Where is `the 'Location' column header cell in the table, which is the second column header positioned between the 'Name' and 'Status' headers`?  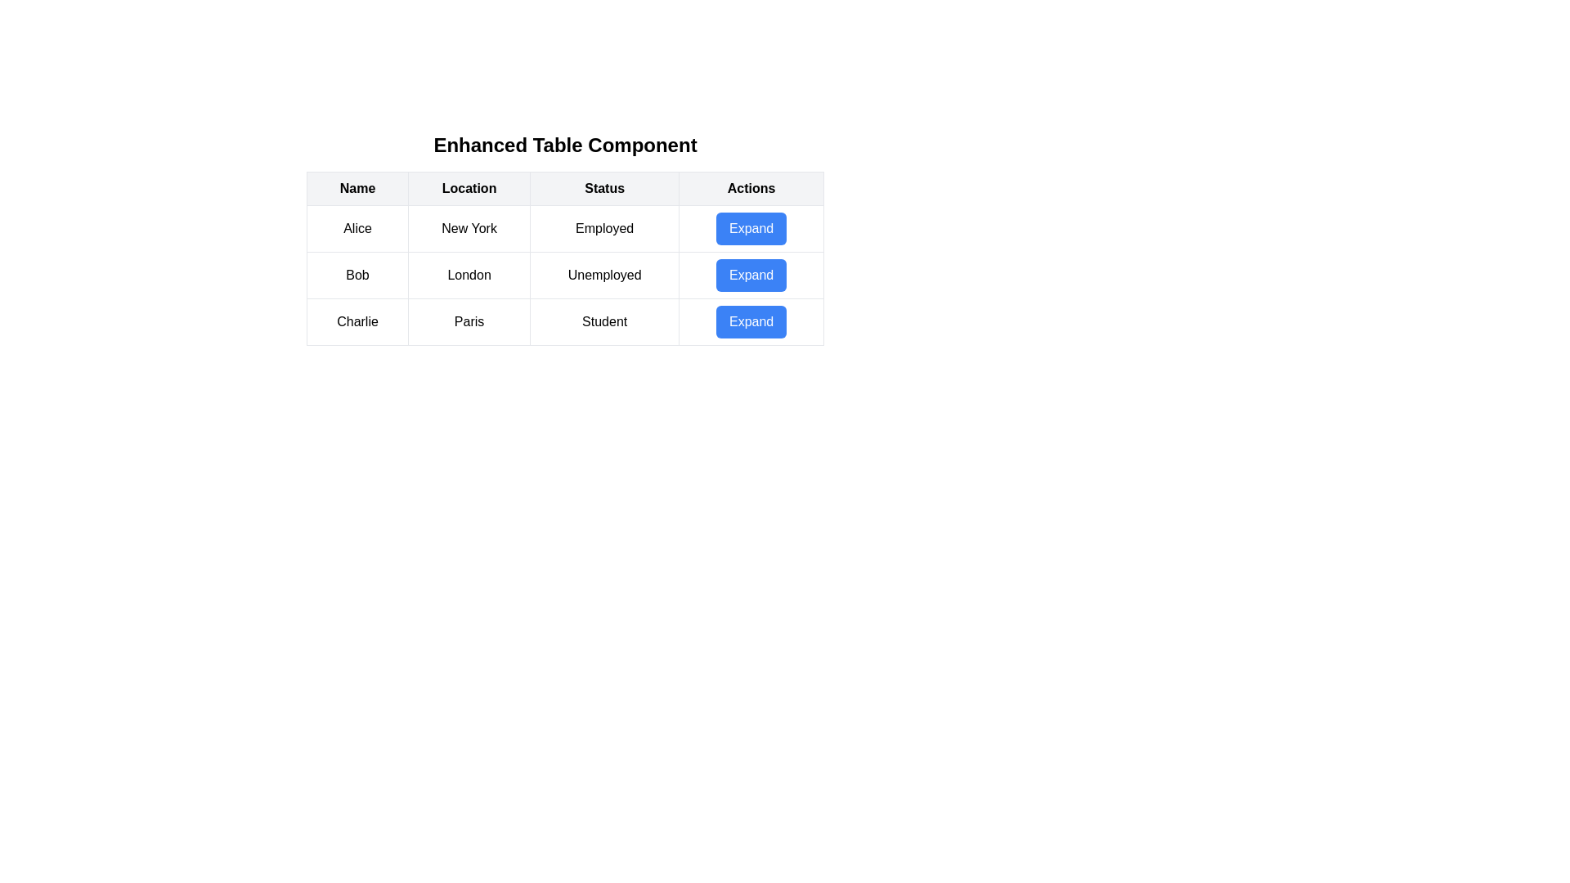 the 'Location' column header cell in the table, which is the second column header positioned between the 'Name' and 'Status' headers is located at coordinates (469, 188).